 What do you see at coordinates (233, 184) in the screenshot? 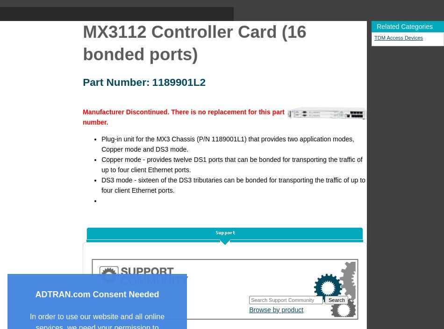
I see `'DS3 mode - sixteen of the DS3 tributaries can be bonded for transporting the traffic of up to four client Ethernet ports.'` at bounding box center [233, 184].